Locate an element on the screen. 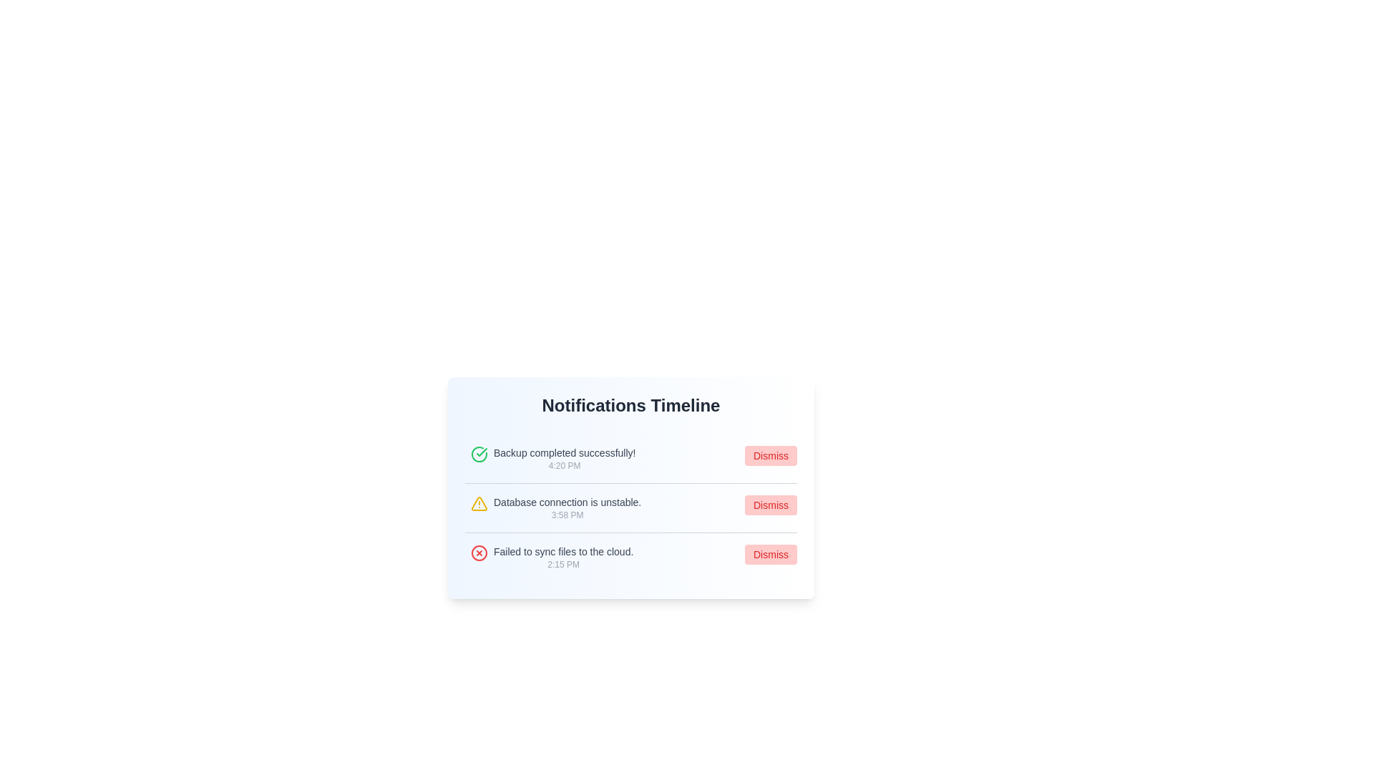  the static text element that informs the user about the database connection status, positioned in the notifications list, specifically within the second item, directly above the timestamp '3:58 PM' and adjacent to the yellow warning symbol is located at coordinates (567, 502).